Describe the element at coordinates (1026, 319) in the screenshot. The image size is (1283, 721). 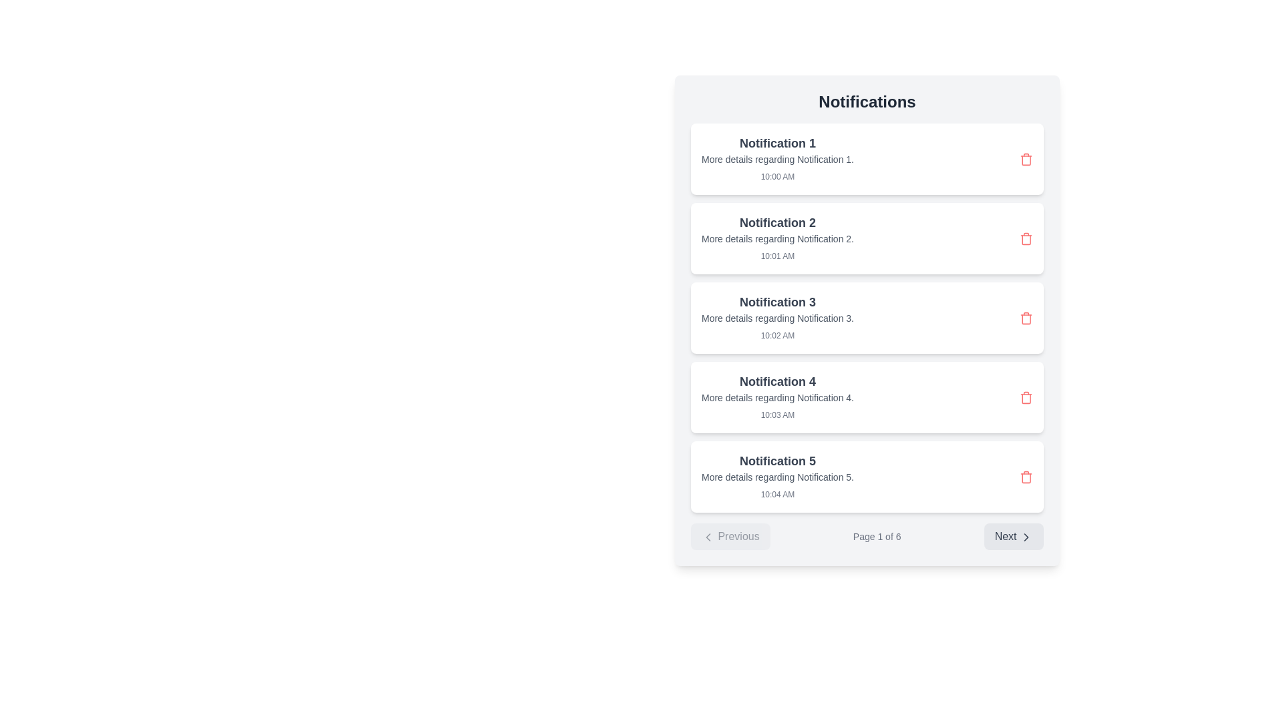
I see `the minimalistic trash icon located to the right of the text details in the third notification item` at that location.